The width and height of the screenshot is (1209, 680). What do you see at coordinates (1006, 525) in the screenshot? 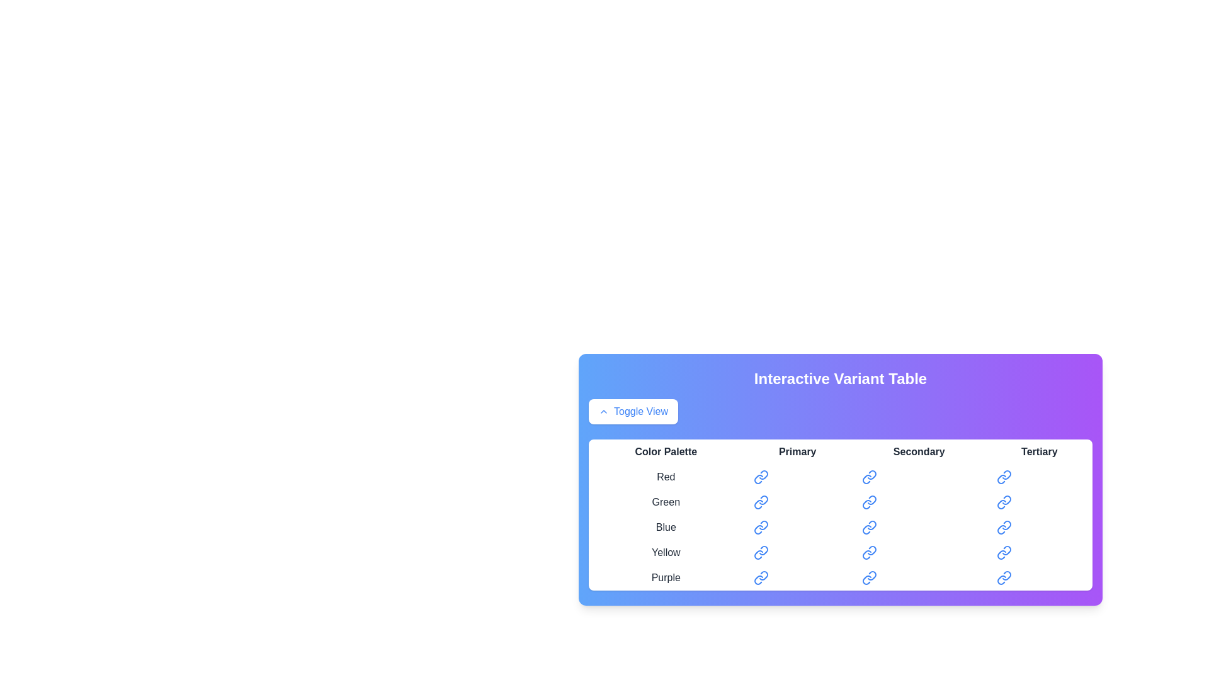
I see `the Icon Segment in the 'Tertiary' column and 'Blue' row of the Interactive Variant Table, which visually represents a hyperlink icon` at bounding box center [1006, 525].